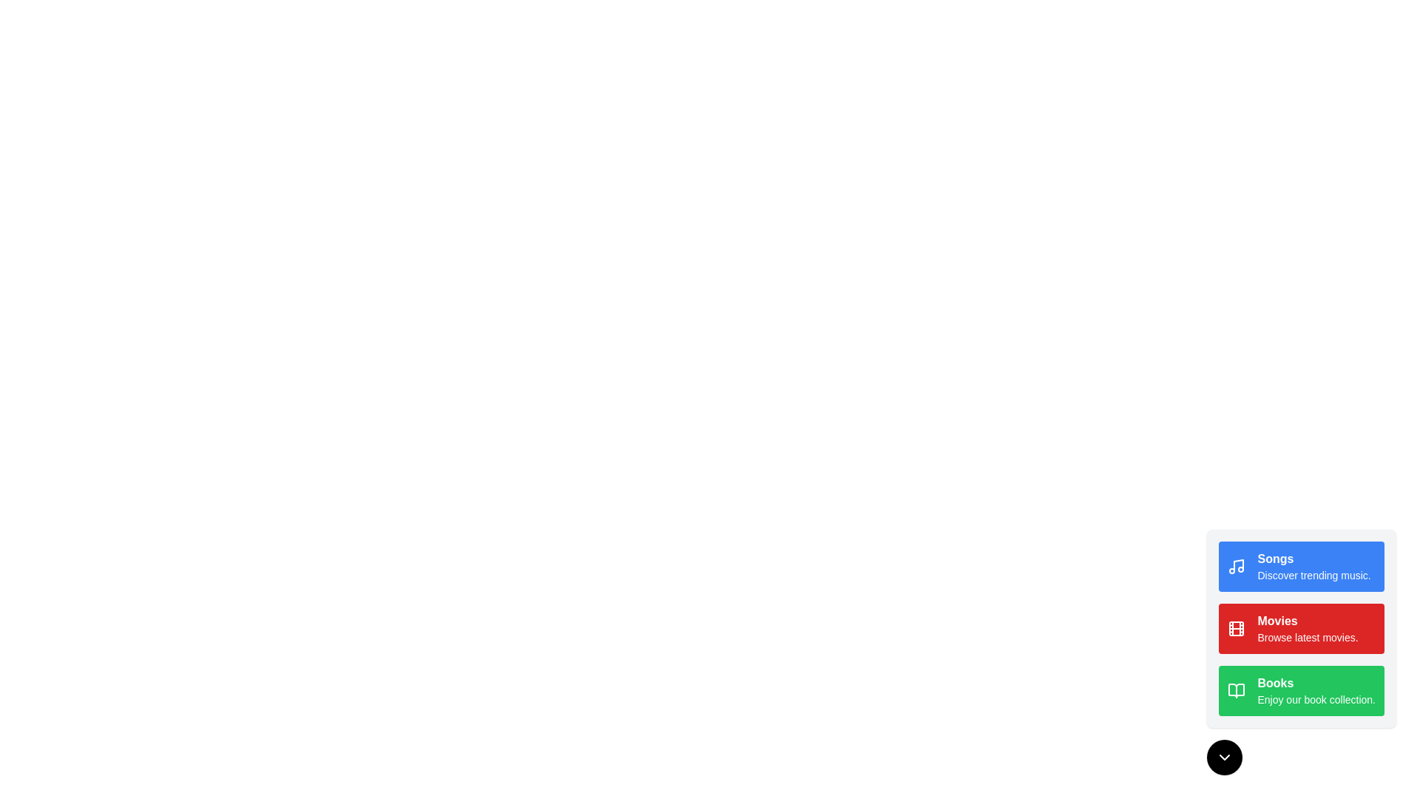 Image resolution: width=1420 pixels, height=799 pixels. I want to click on the Books option from the speed dial menu, so click(1302, 690).